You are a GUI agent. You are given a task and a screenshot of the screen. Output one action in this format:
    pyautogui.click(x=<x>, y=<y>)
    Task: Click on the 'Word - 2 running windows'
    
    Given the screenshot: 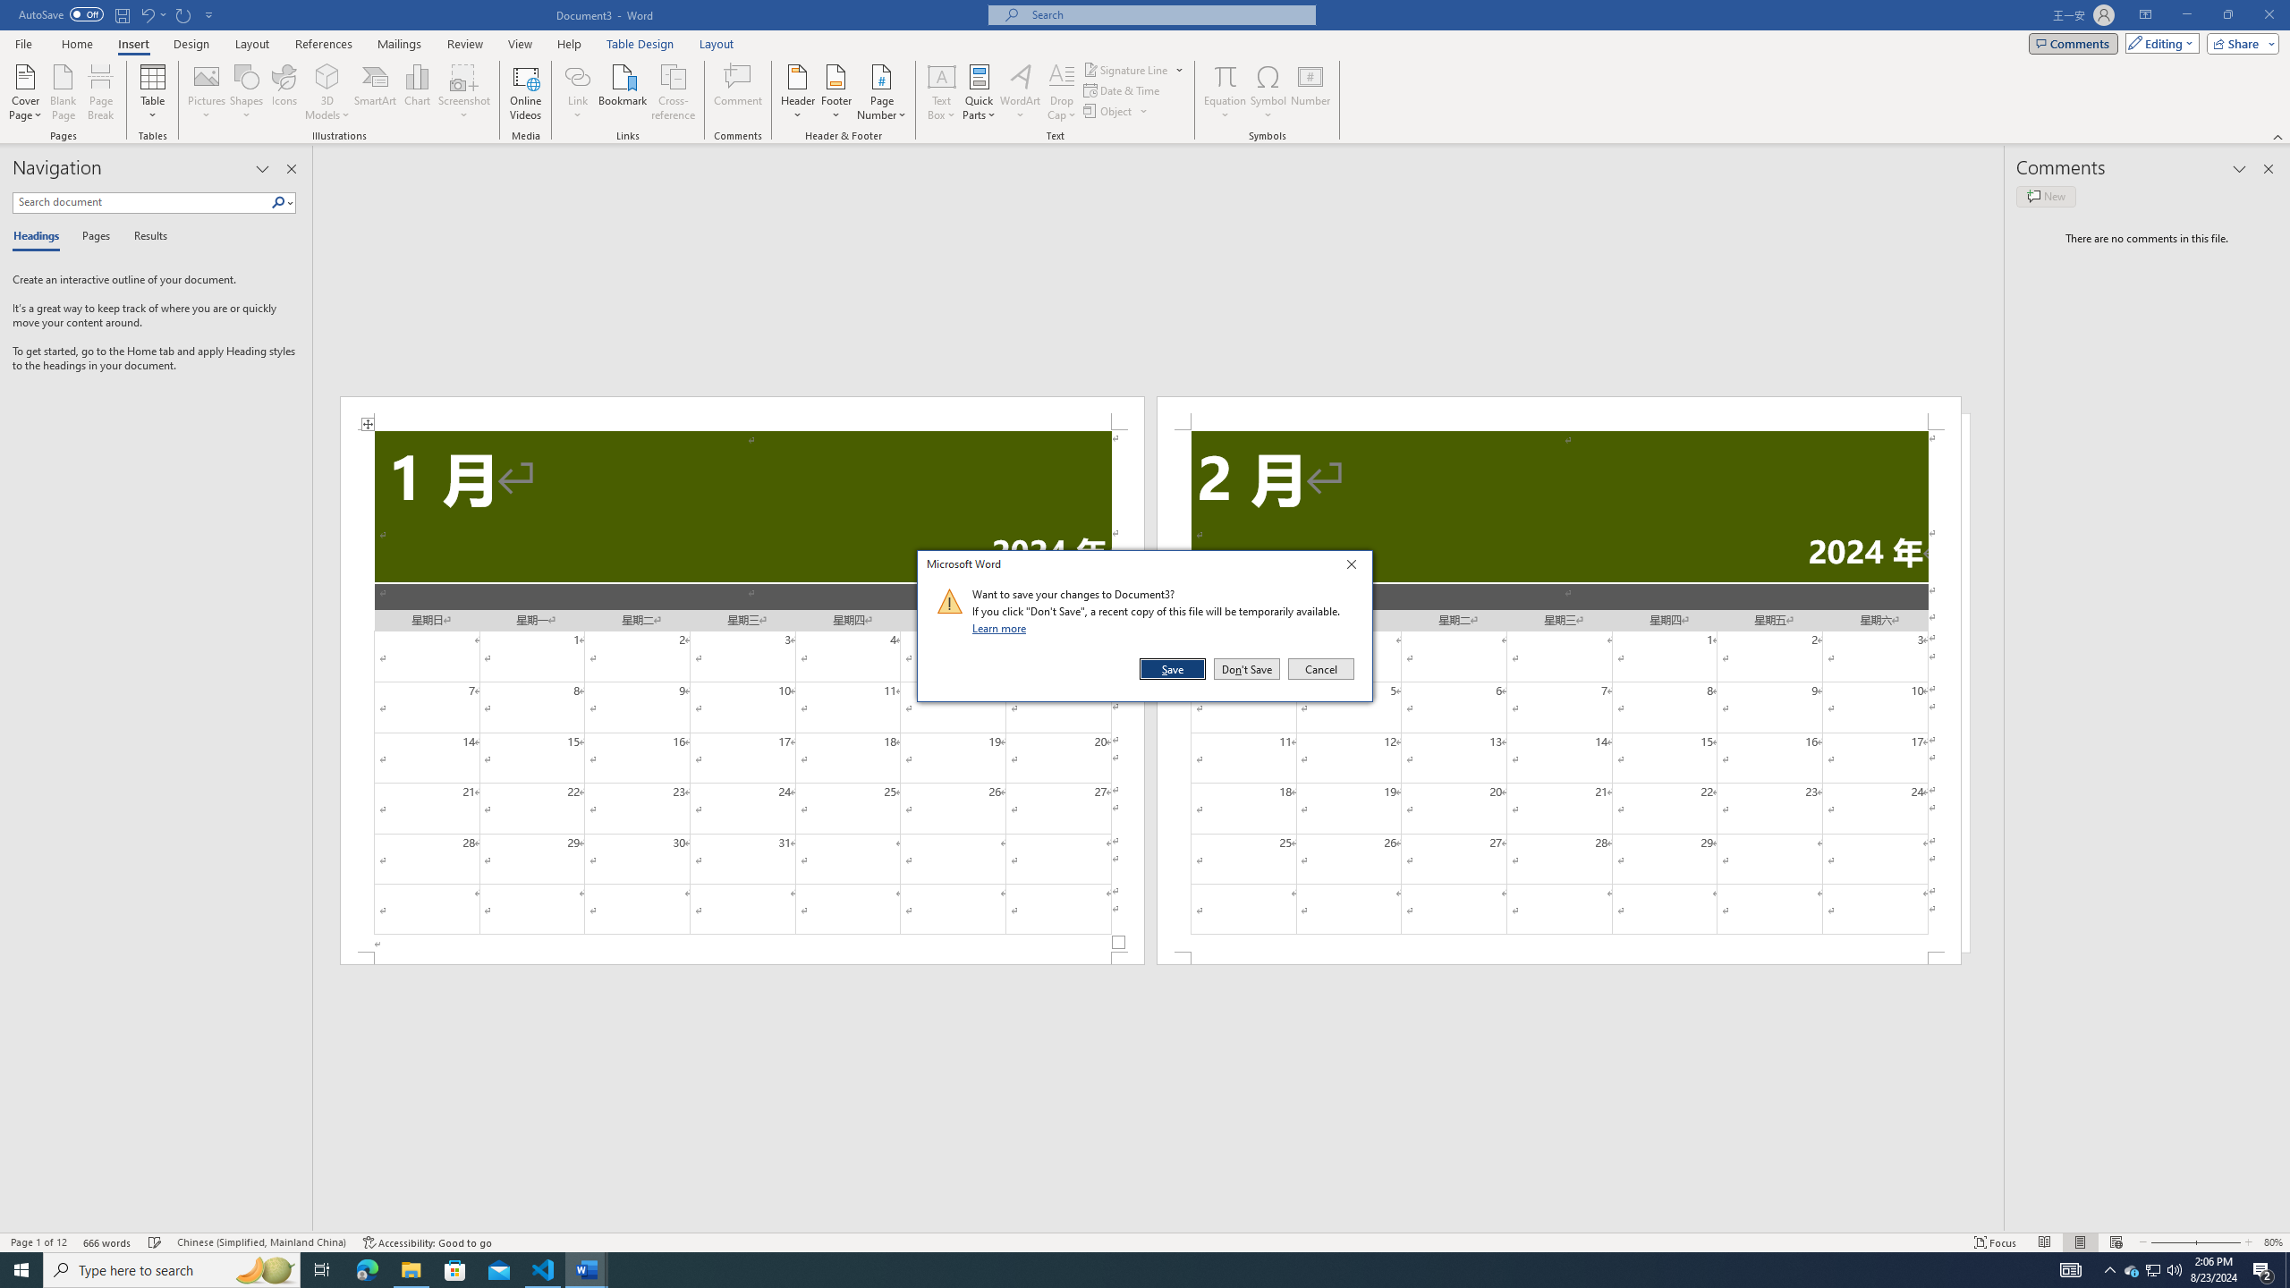 What is the action you would take?
    pyautogui.click(x=587, y=1268)
    